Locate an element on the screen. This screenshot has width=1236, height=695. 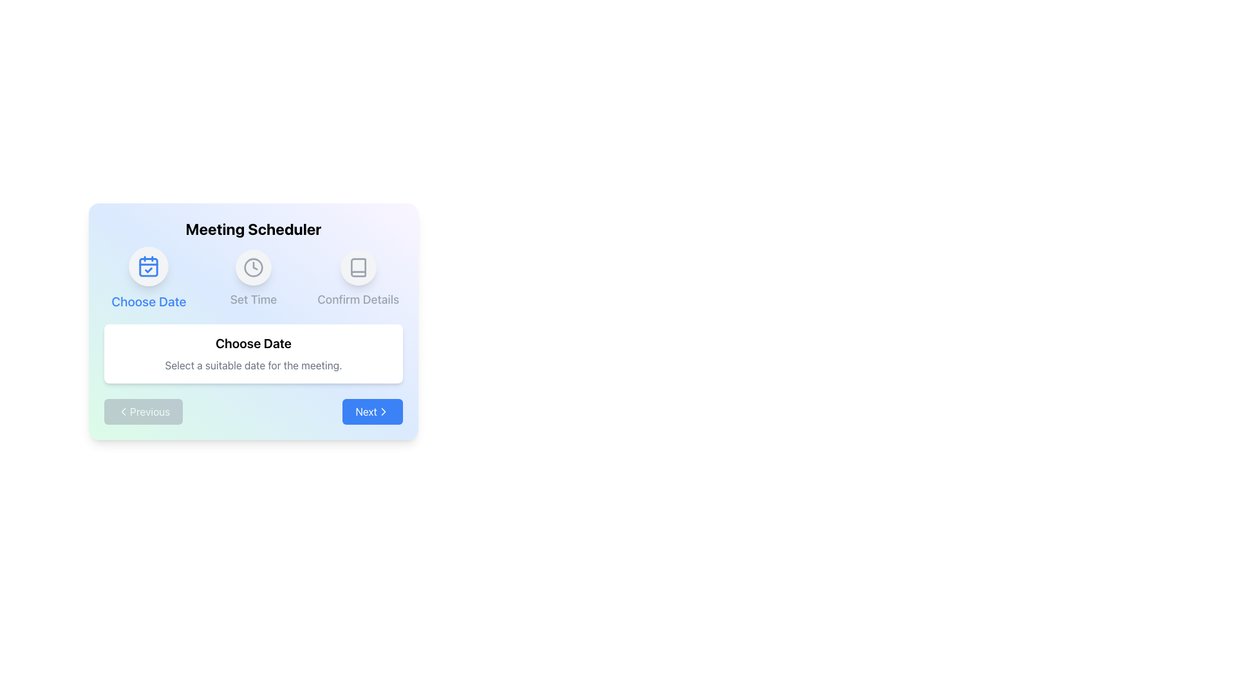
the icon located at the far-right side of the 'Next' button at the bottom-right corner of the interface to indicate navigation forward is located at coordinates (382, 412).